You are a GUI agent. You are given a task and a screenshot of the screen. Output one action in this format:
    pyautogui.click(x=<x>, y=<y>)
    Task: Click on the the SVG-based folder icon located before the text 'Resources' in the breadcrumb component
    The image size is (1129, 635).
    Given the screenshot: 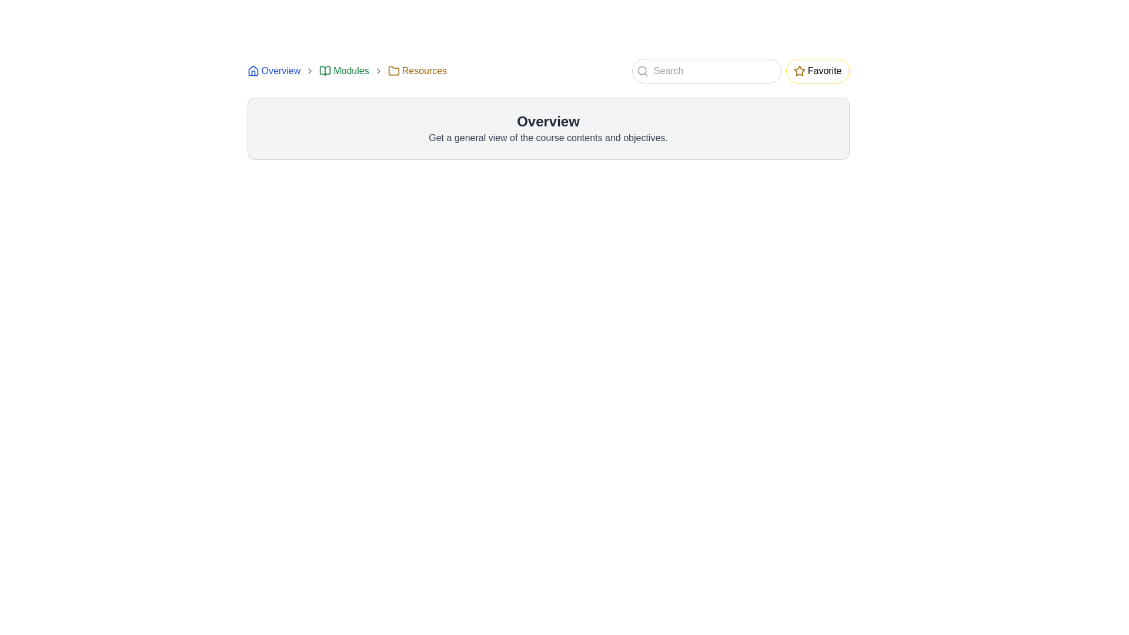 What is the action you would take?
    pyautogui.click(x=393, y=71)
    